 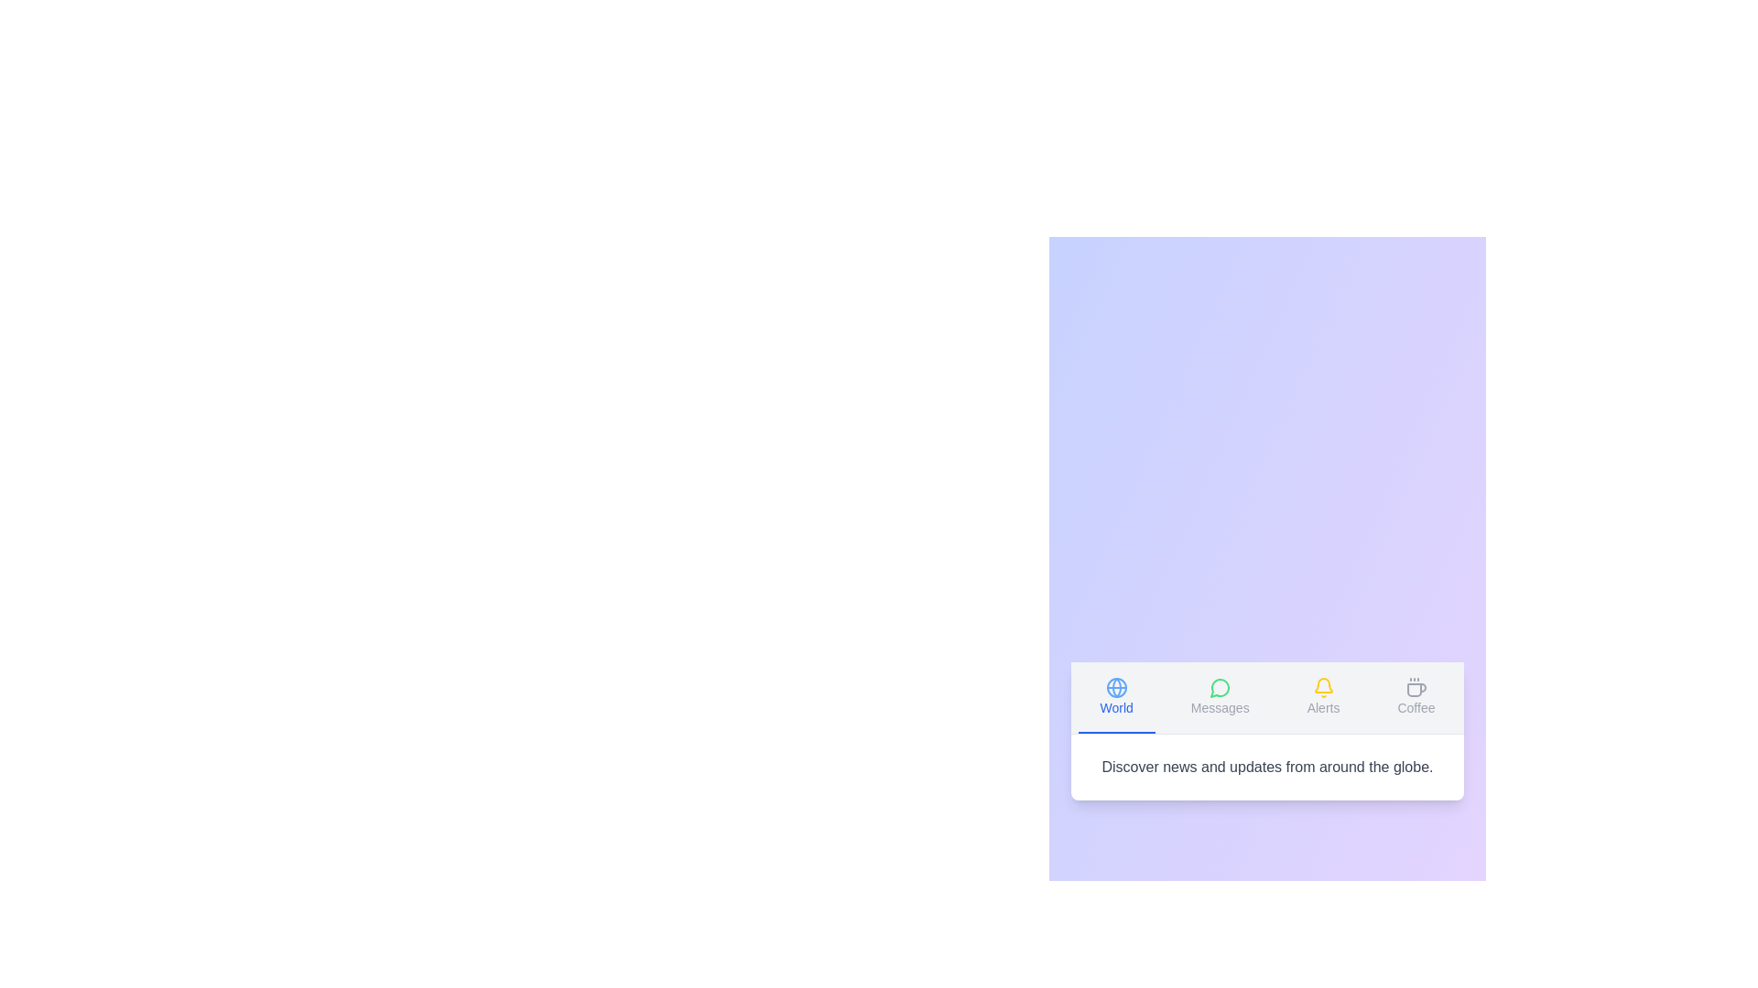 I want to click on the tab labeled 'Alerts' to view its content, so click(x=1323, y=697).